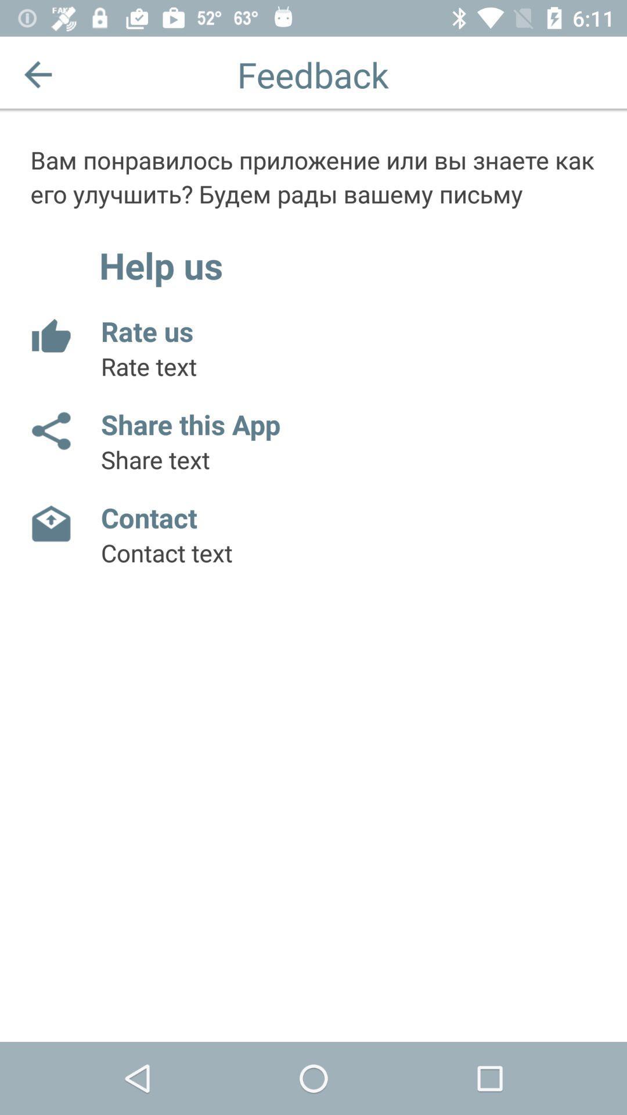 This screenshot has width=627, height=1115. What do you see at coordinates (50, 523) in the screenshot?
I see `the email icon` at bounding box center [50, 523].